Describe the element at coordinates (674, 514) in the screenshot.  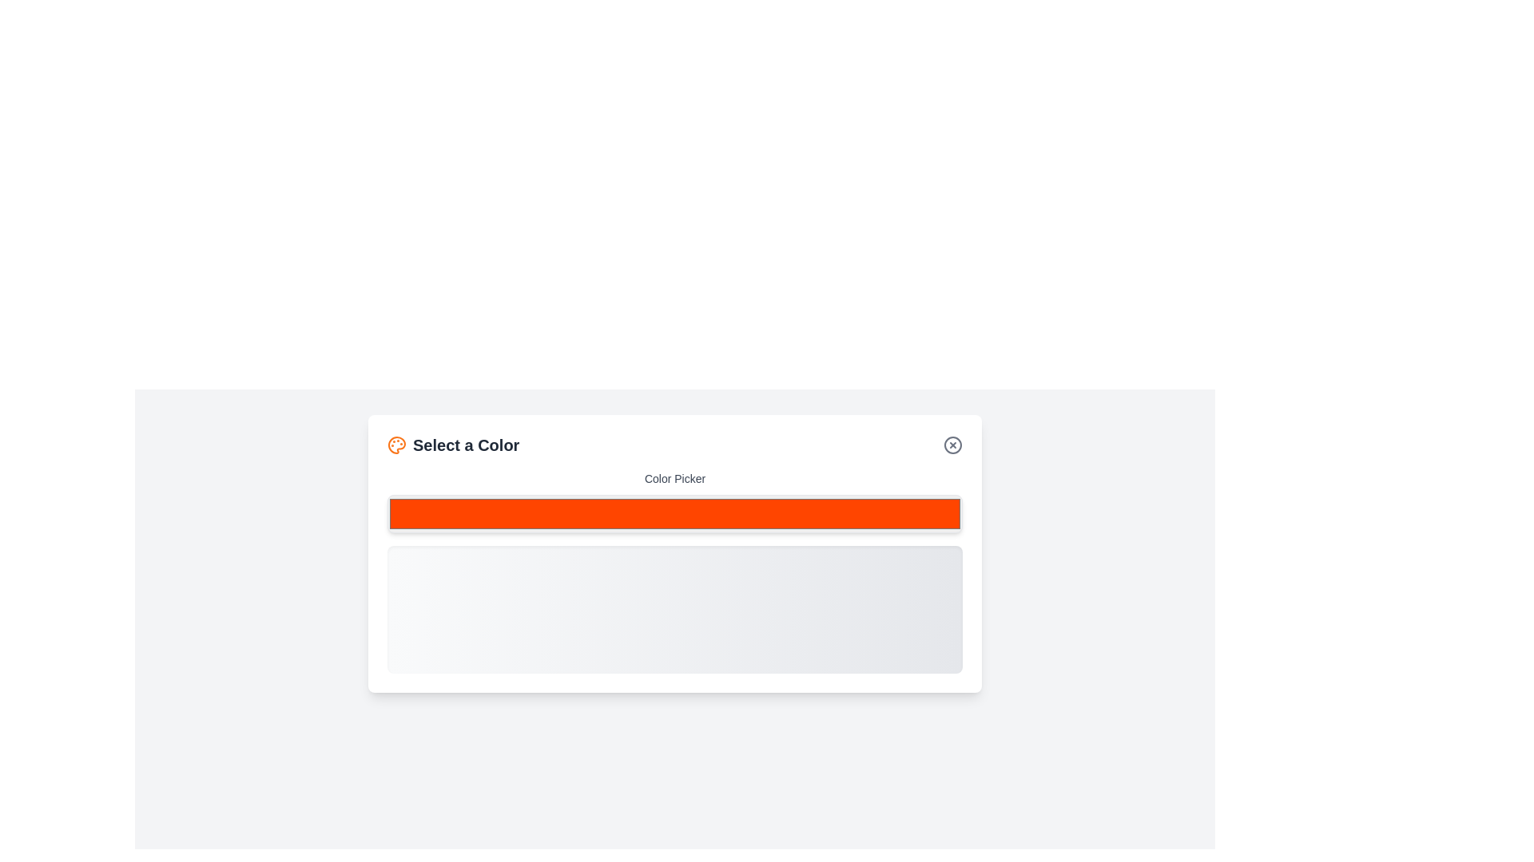
I see `the desired color 7466975 using the picker` at that location.